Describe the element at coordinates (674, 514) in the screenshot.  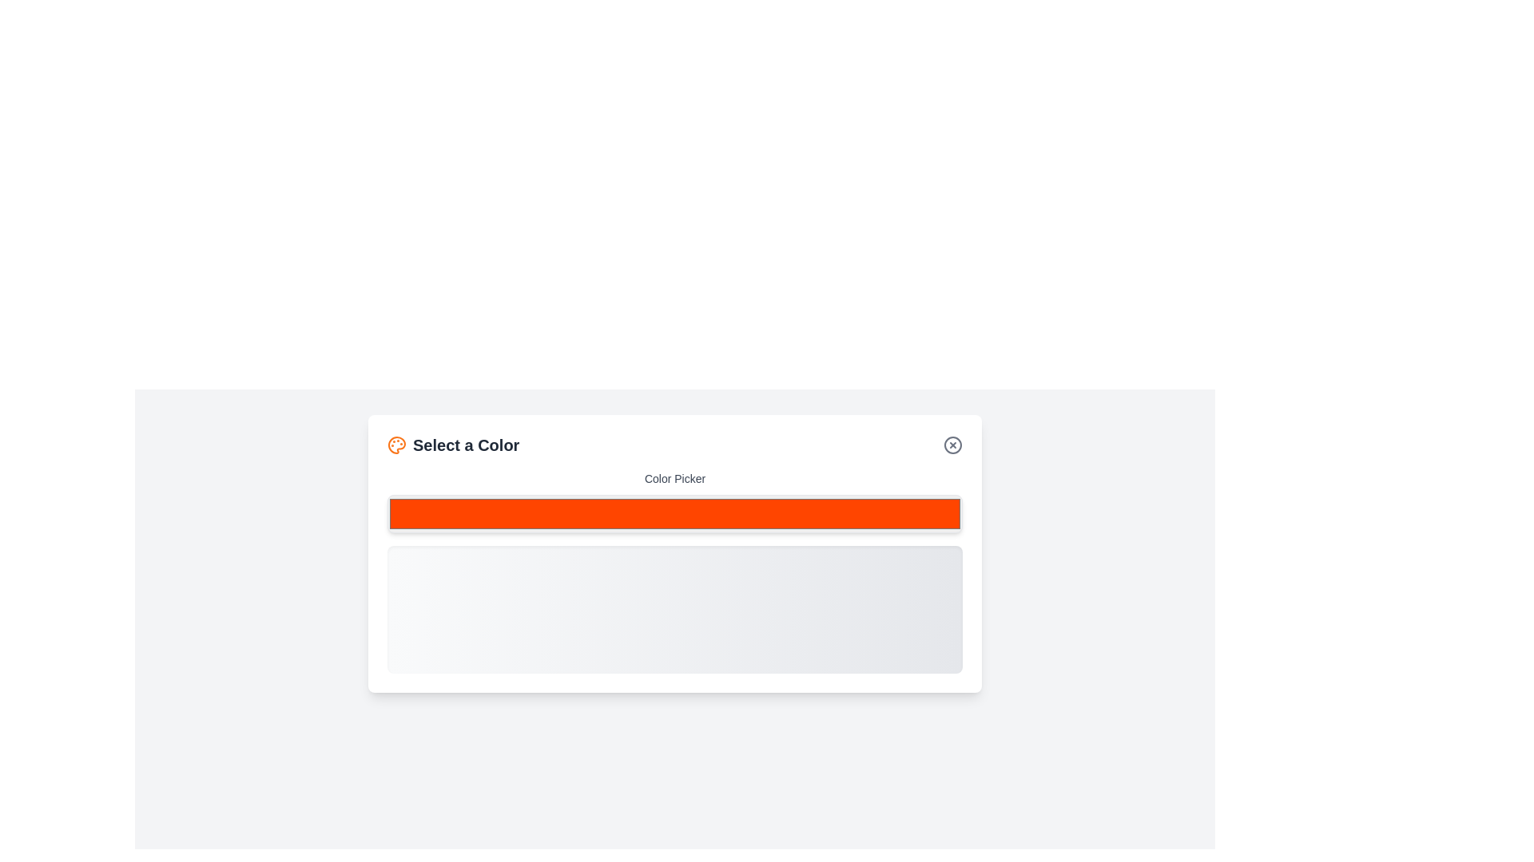
I see `the desired color 7466975 using the picker` at that location.